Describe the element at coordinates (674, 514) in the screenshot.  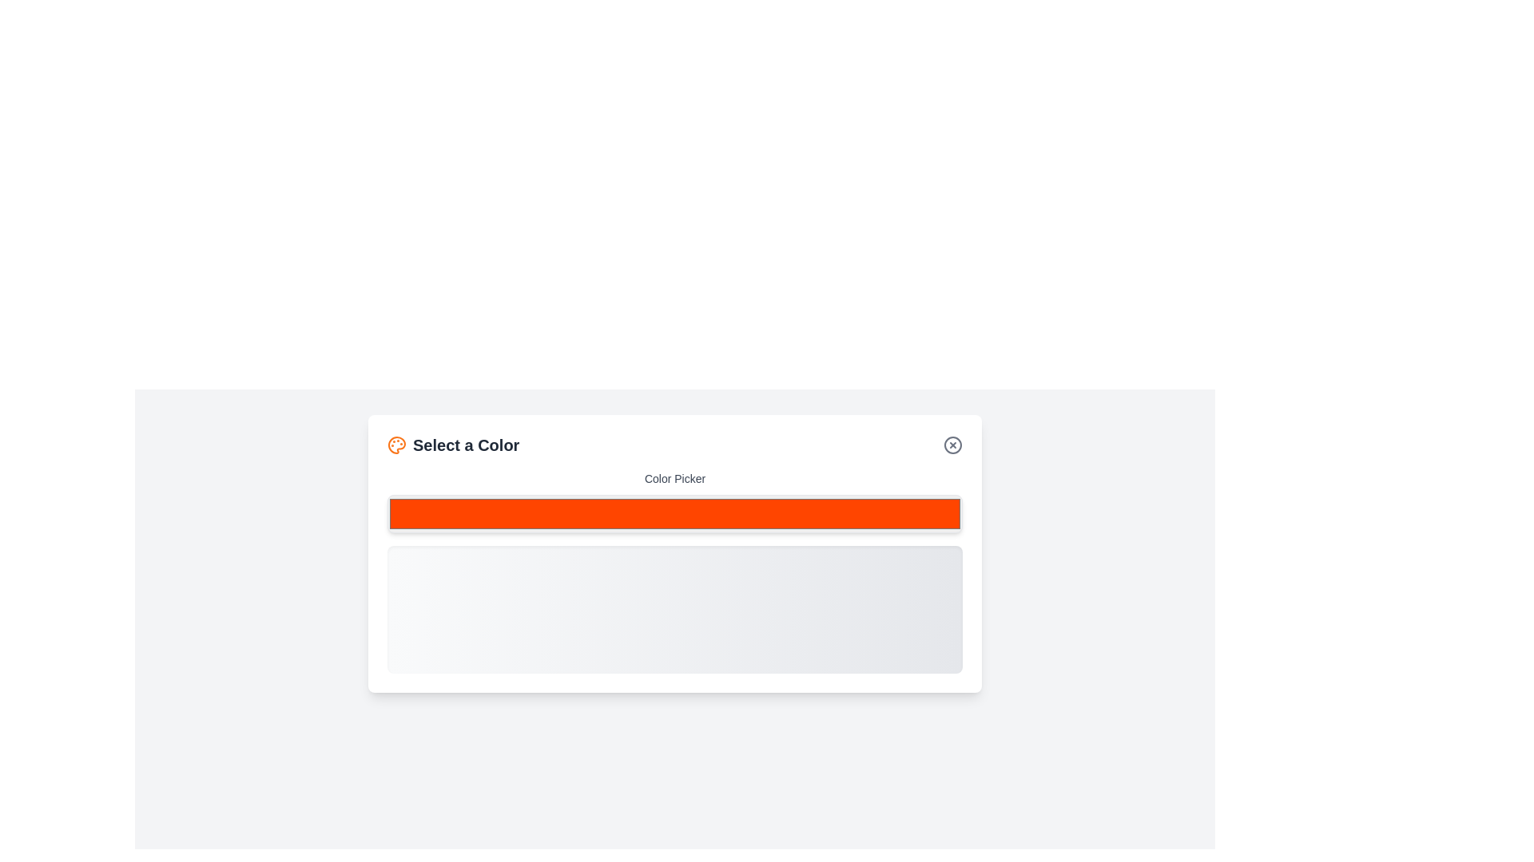
I see `the desired color 7466975 using the picker` at that location.